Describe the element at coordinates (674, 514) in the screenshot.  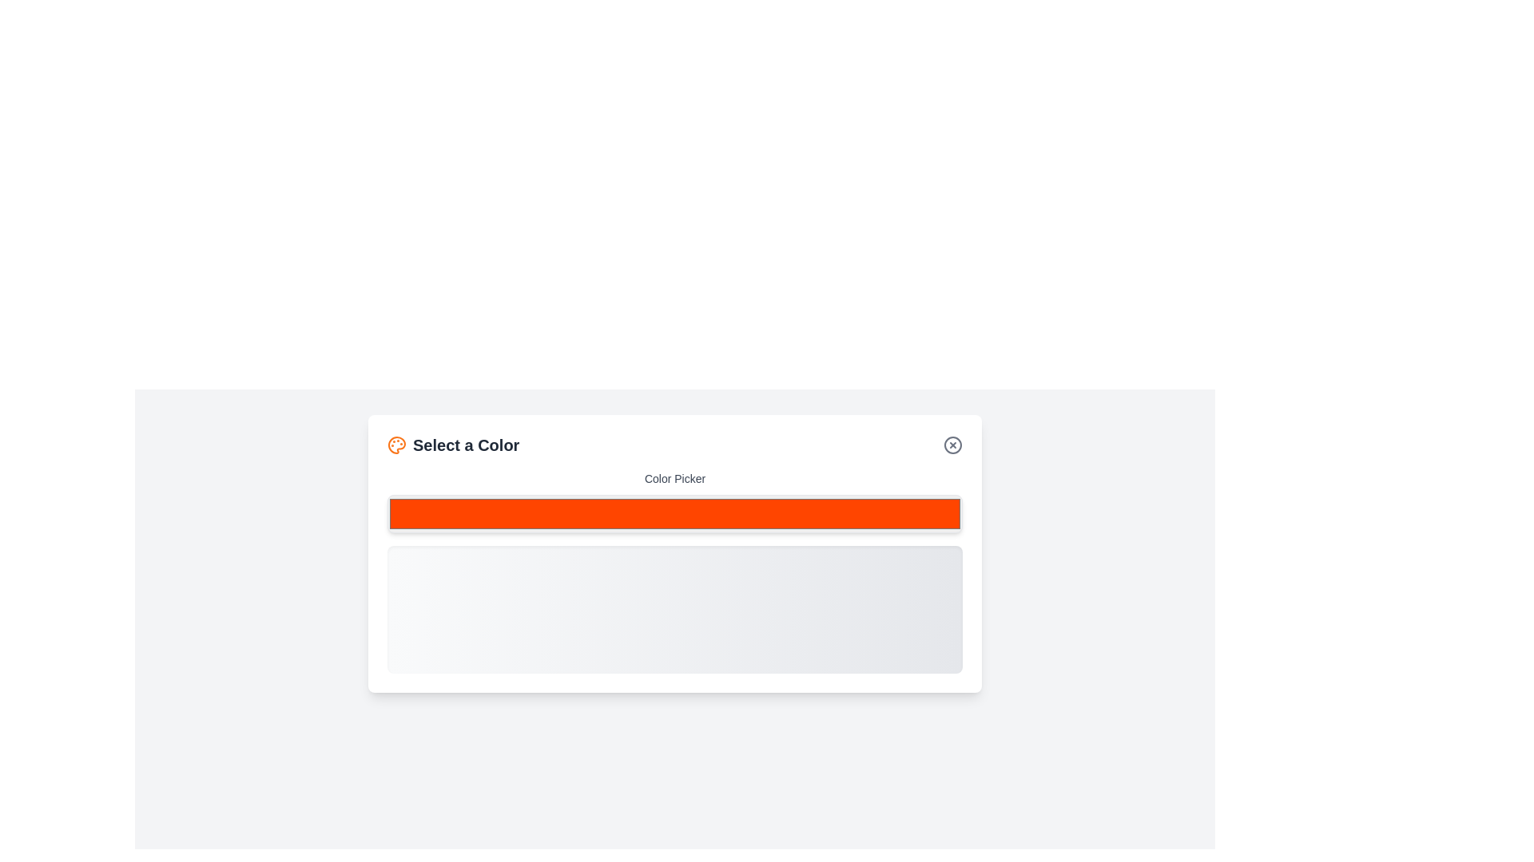
I see `the desired color 7466975 using the picker` at that location.